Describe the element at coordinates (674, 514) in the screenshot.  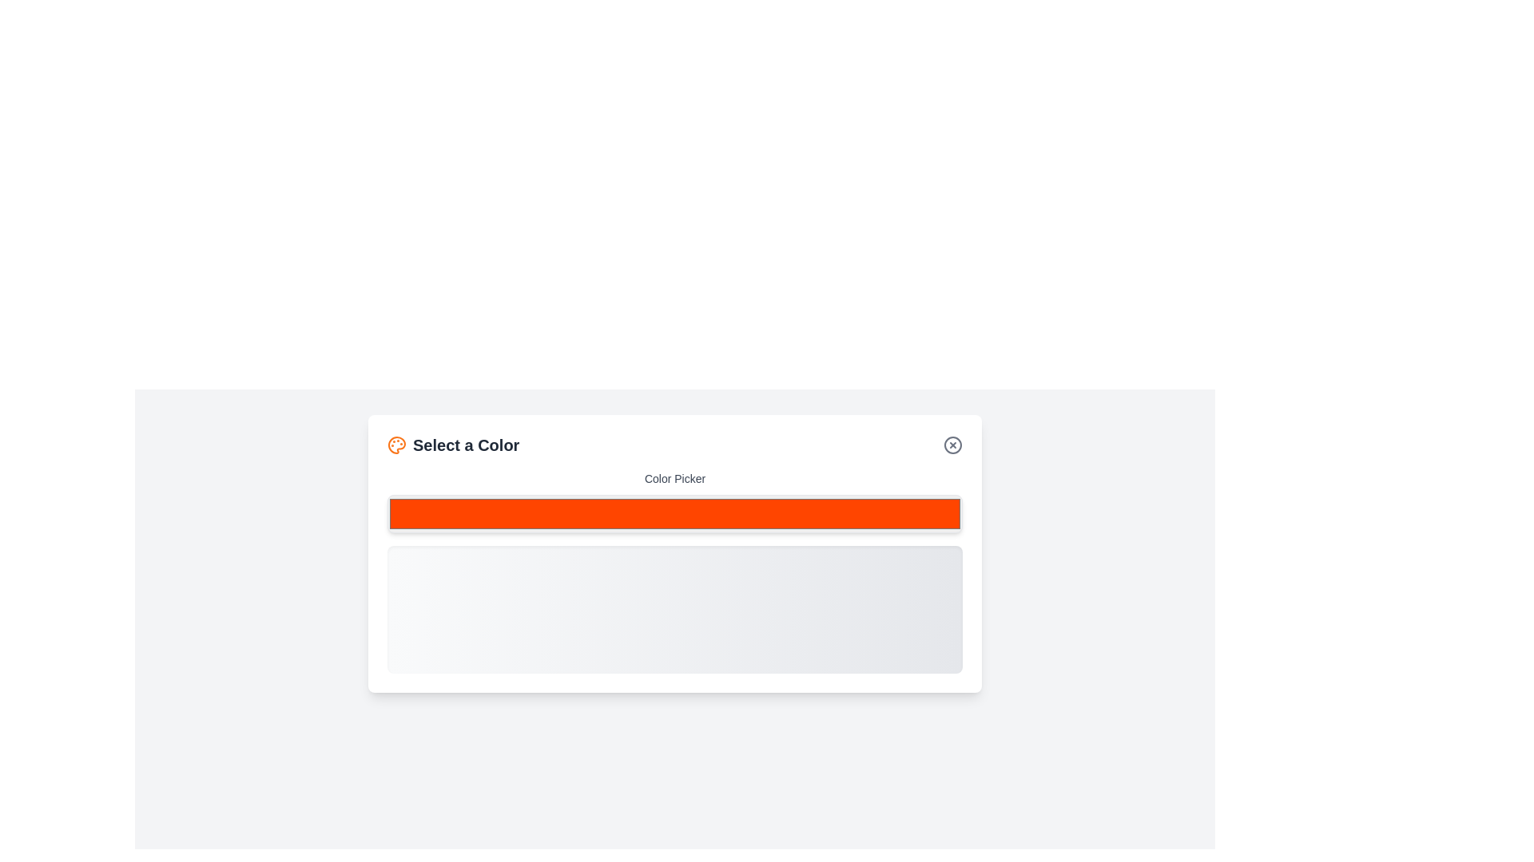
I see `the desired color 7466975 using the picker` at that location.